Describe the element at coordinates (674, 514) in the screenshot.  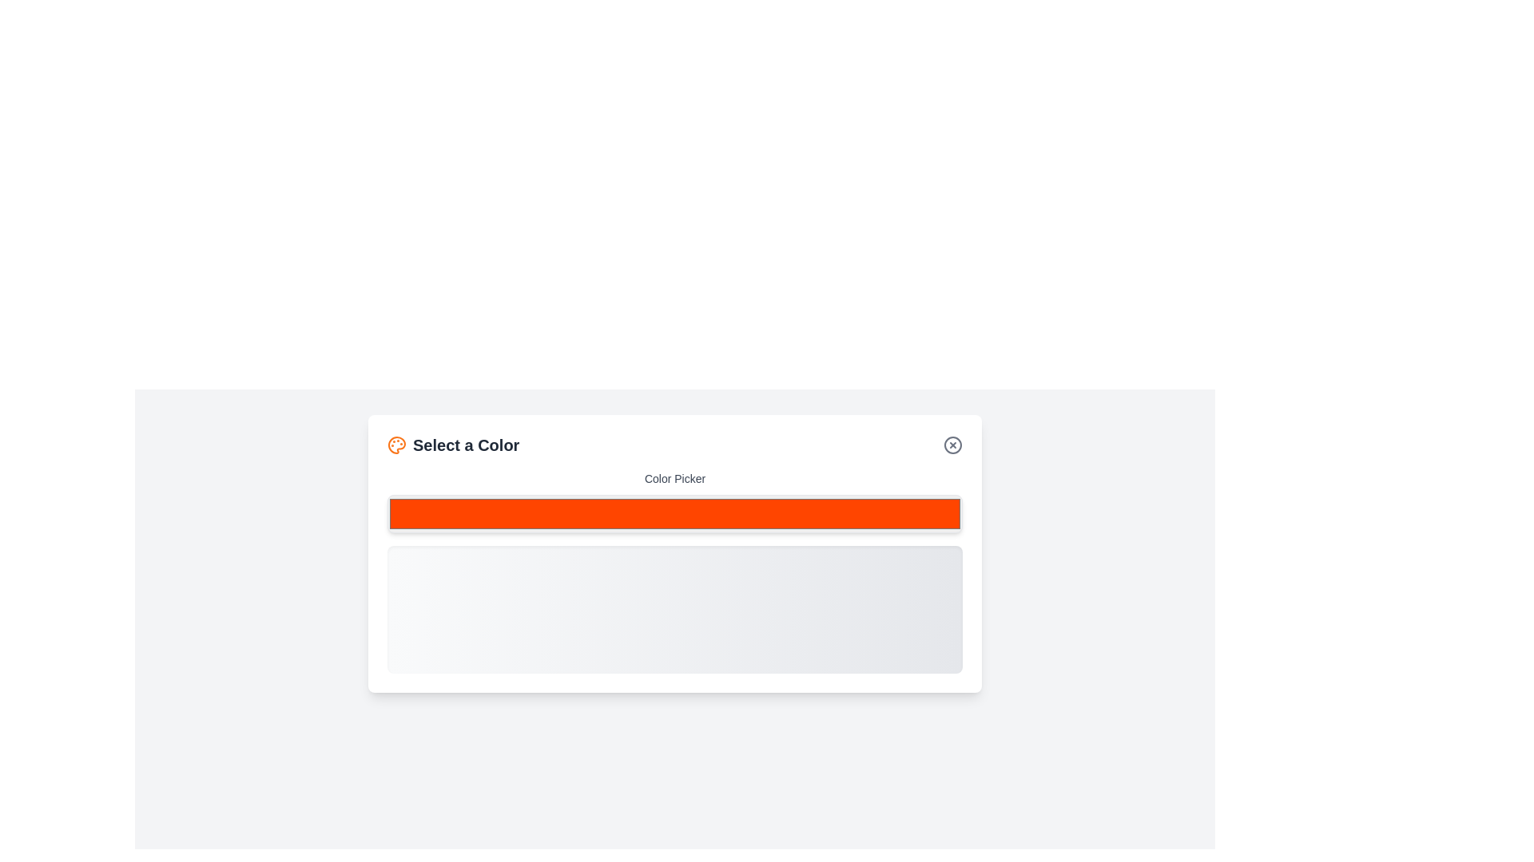
I see `the desired color 7466975 using the picker` at that location.